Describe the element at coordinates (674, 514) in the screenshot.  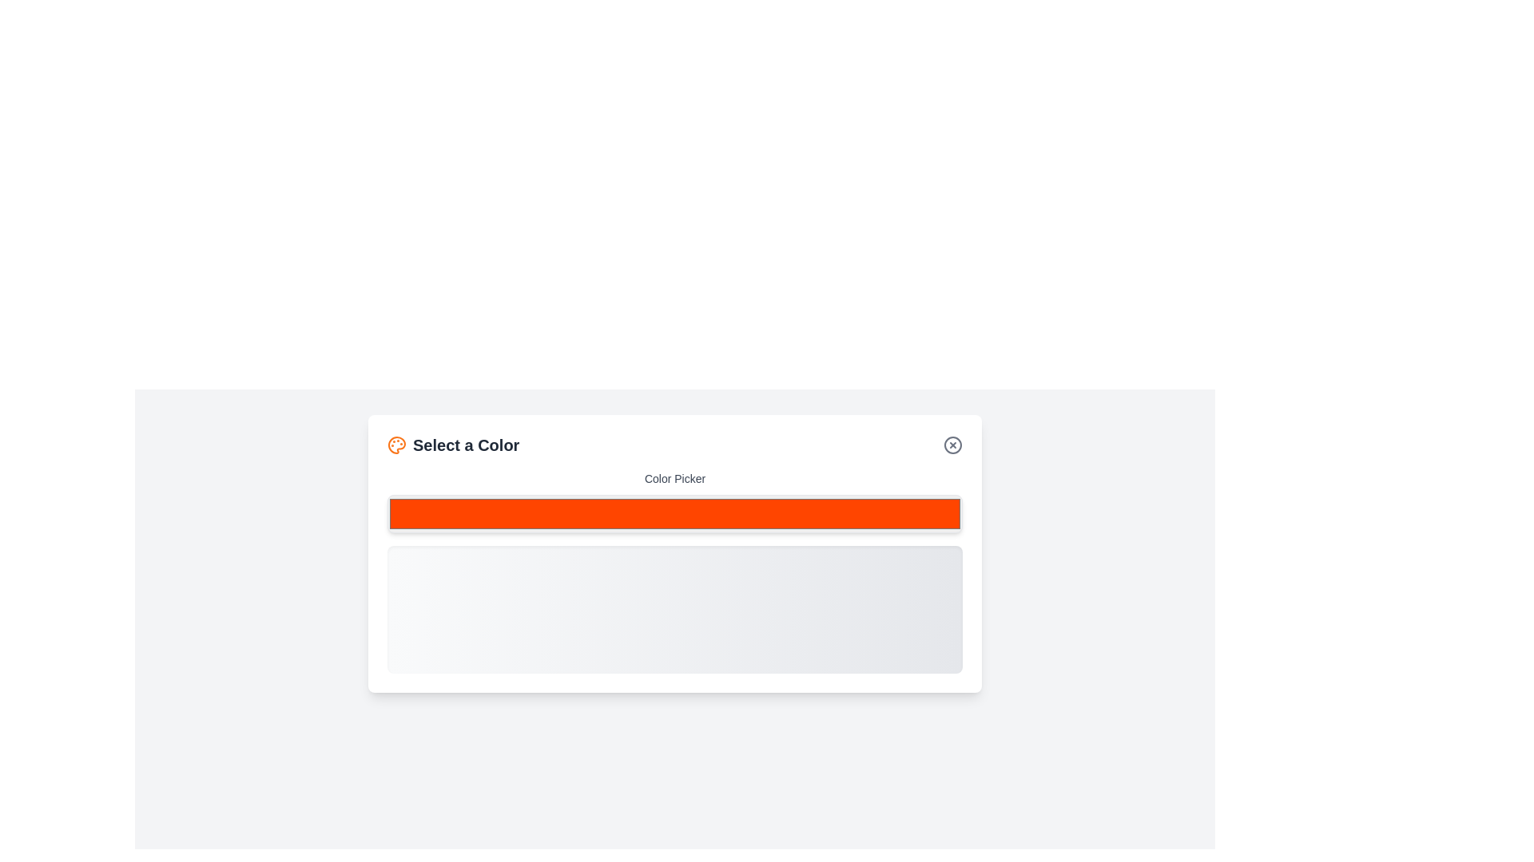
I see `the desired color 7466975 using the picker` at that location.